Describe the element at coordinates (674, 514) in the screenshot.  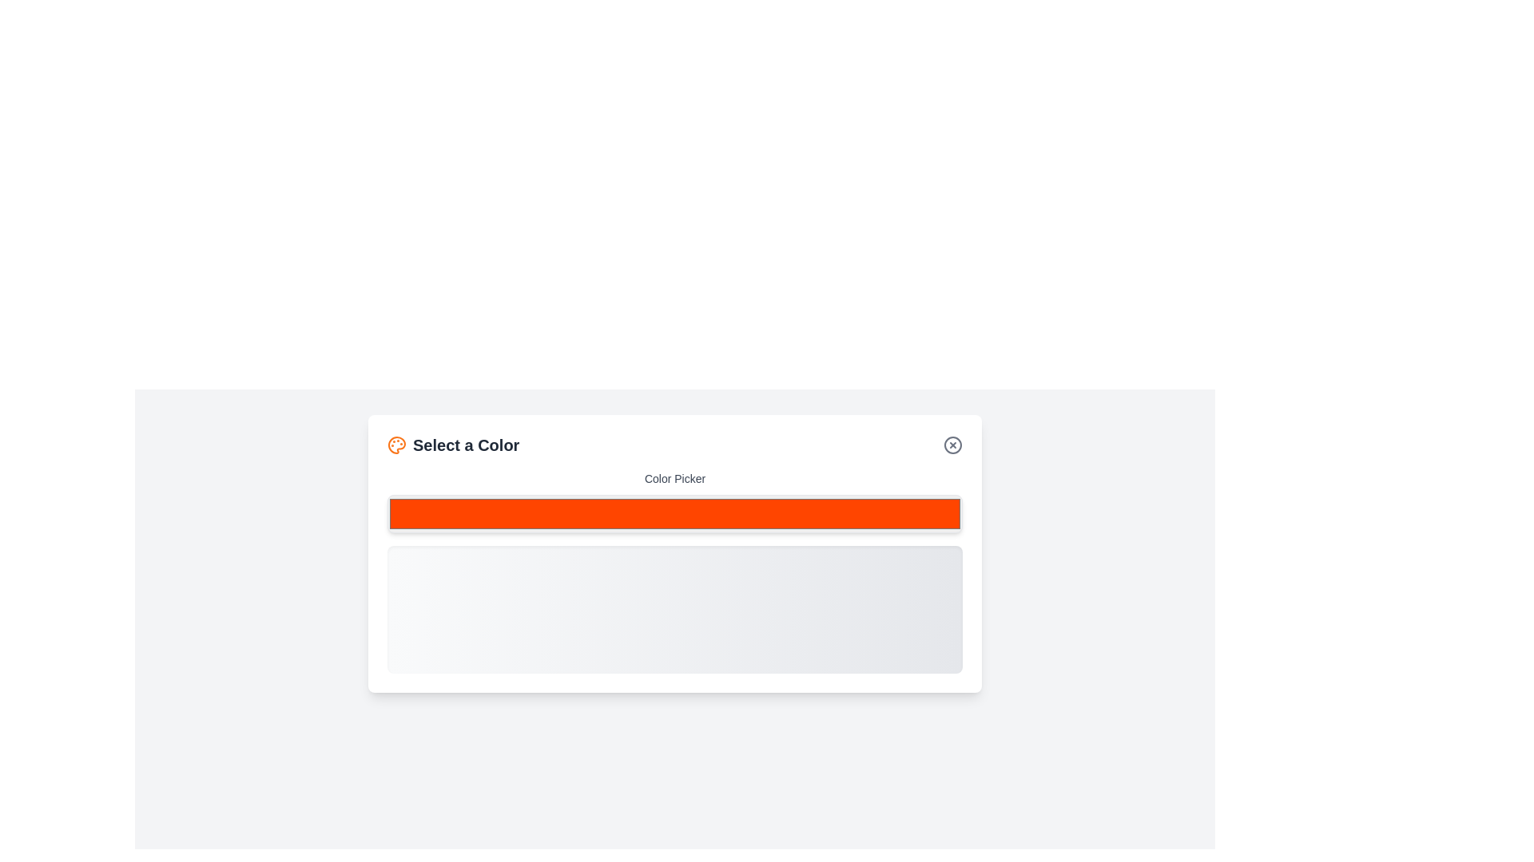
I see `the desired color 7466975 using the picker` at that location.